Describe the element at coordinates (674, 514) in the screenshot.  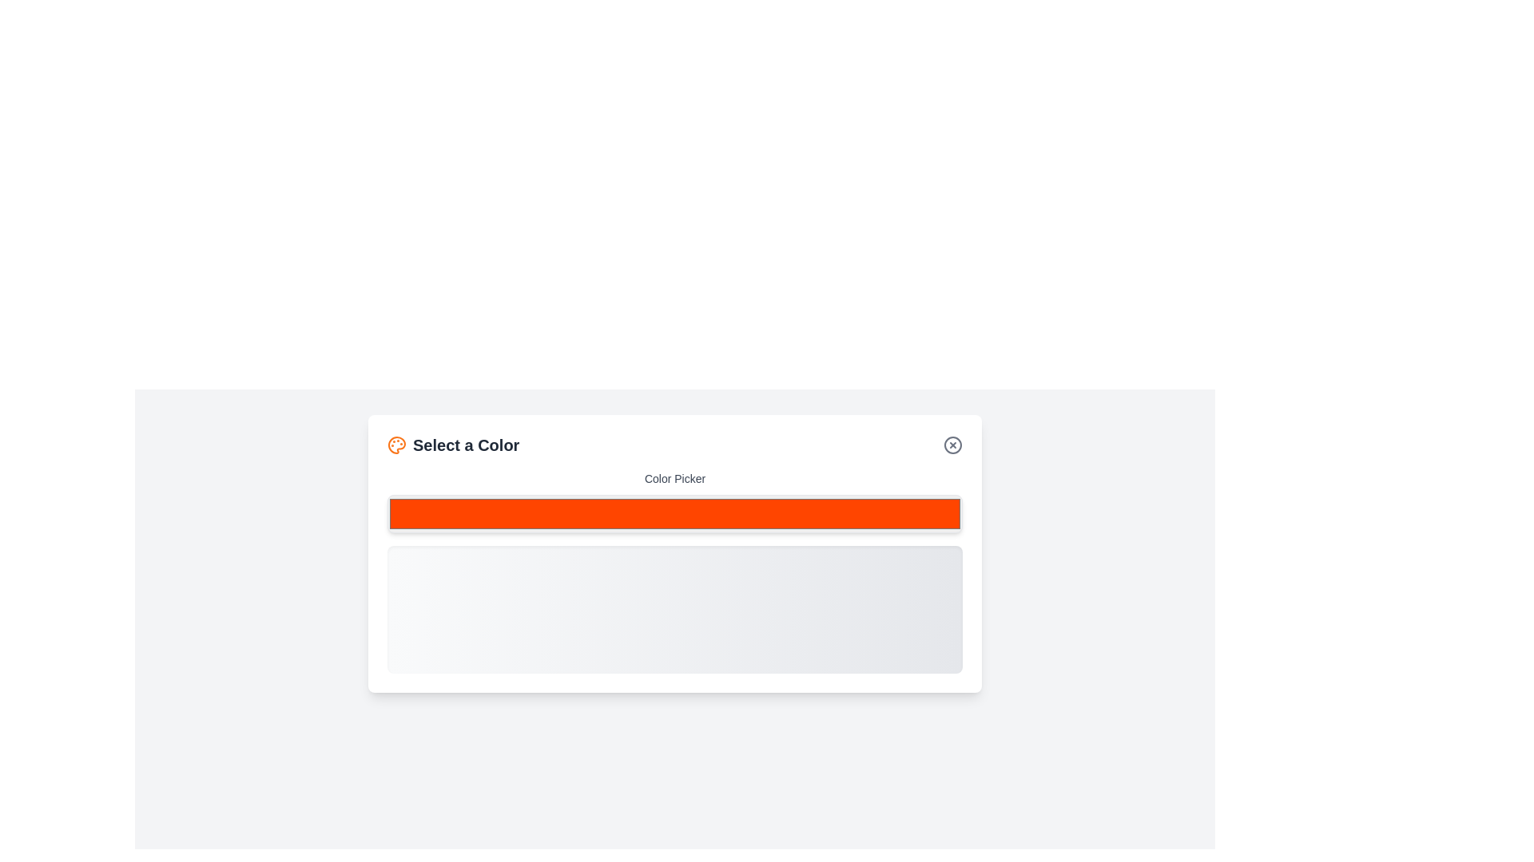
I see `the desired color 7466975 using the picker` at that location.